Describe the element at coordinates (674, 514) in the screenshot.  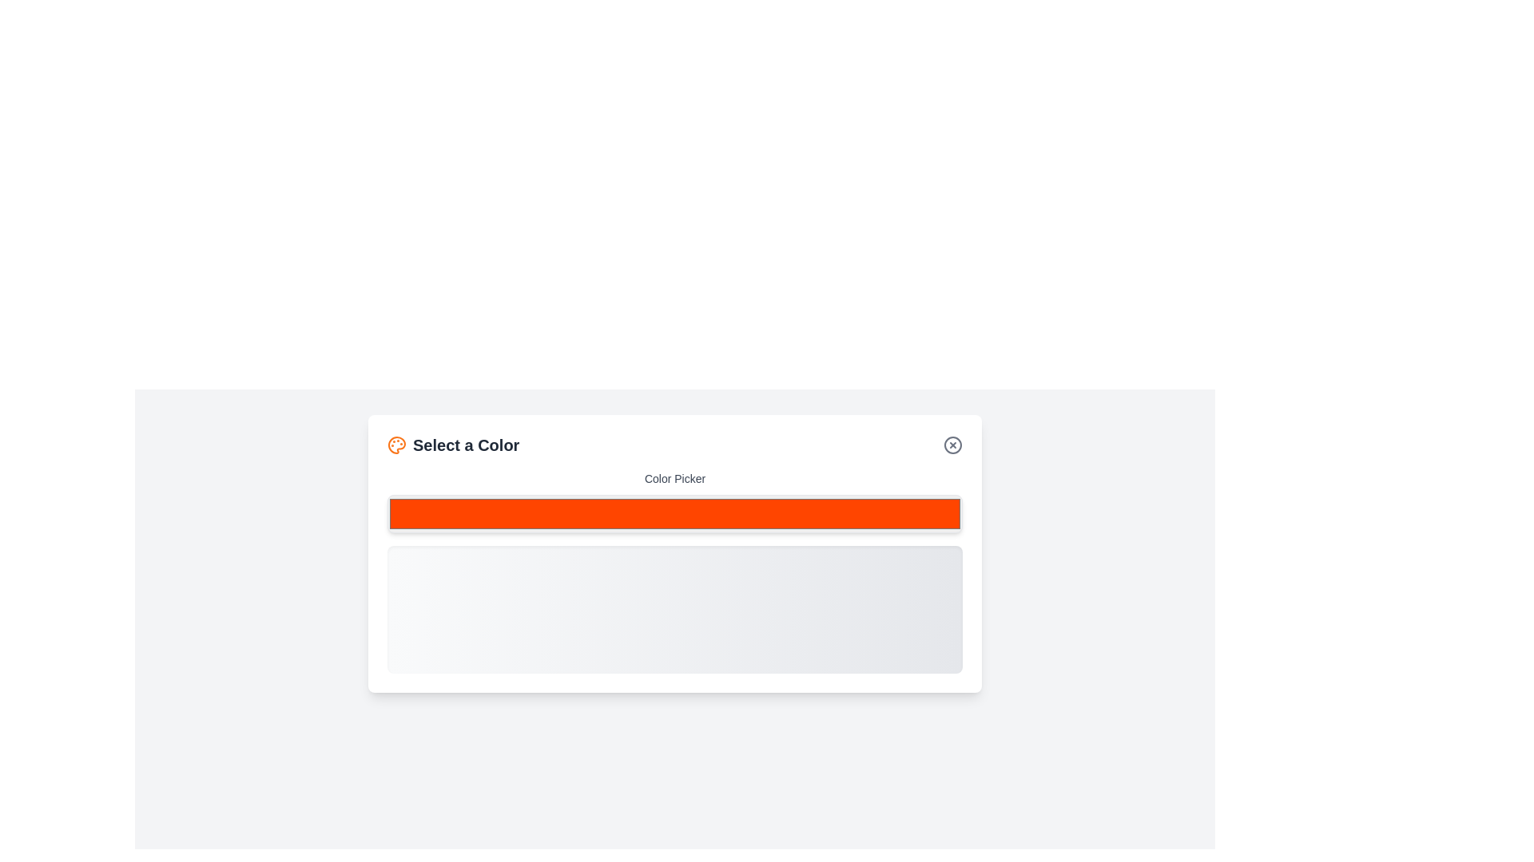
I see `the desired color 7466975 using the picker` at that location.